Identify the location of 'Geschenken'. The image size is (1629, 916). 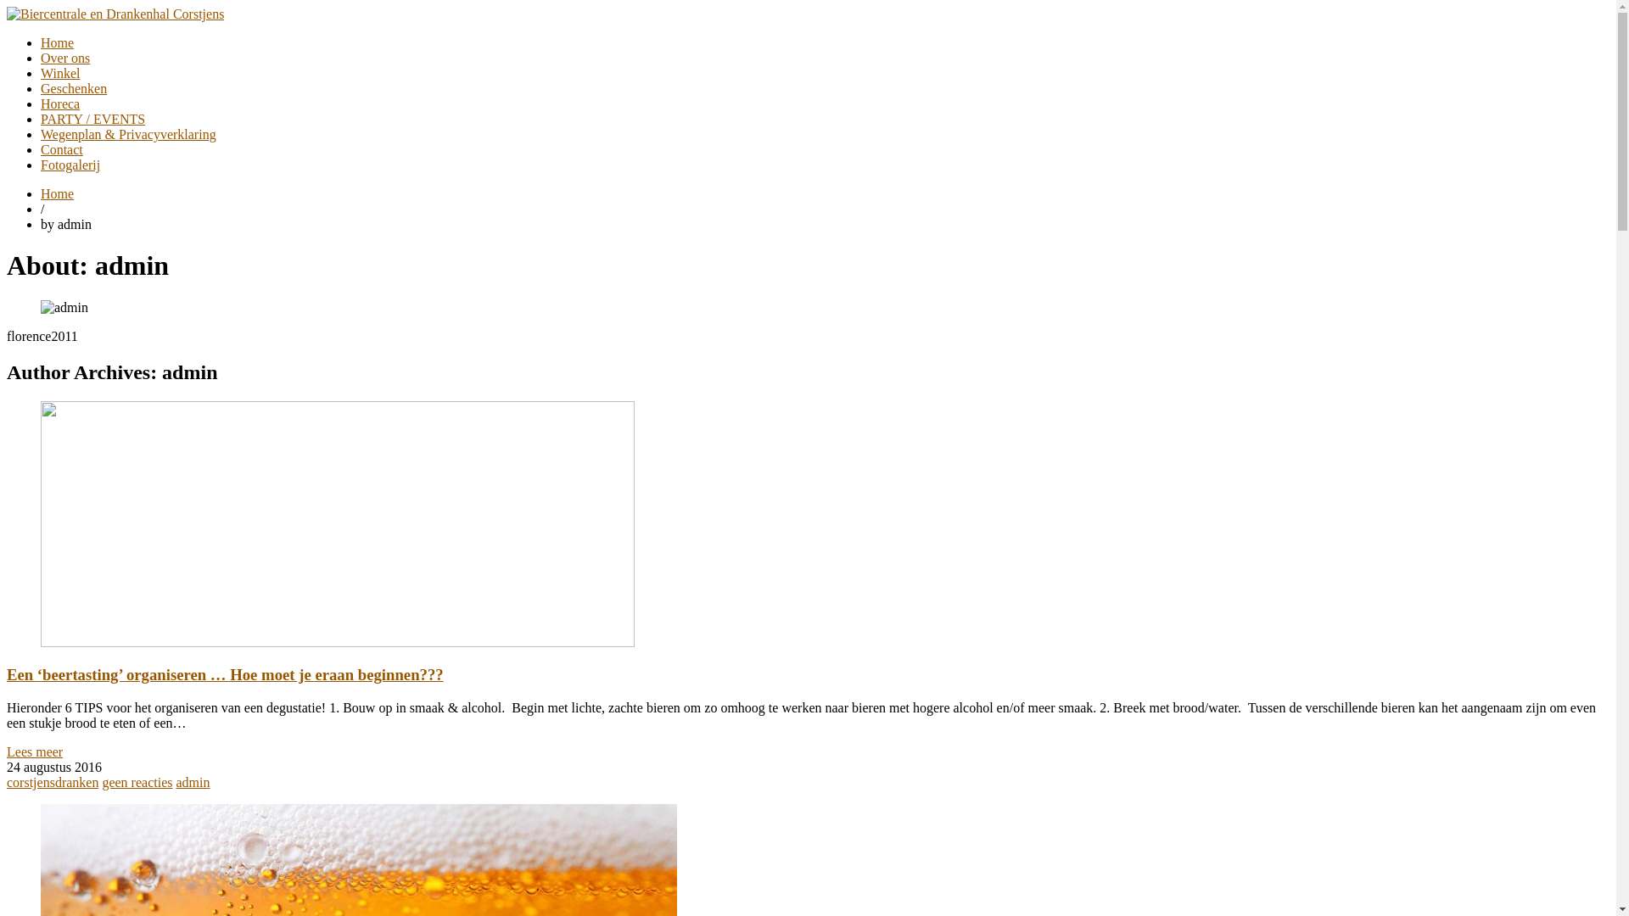
(41, 88).